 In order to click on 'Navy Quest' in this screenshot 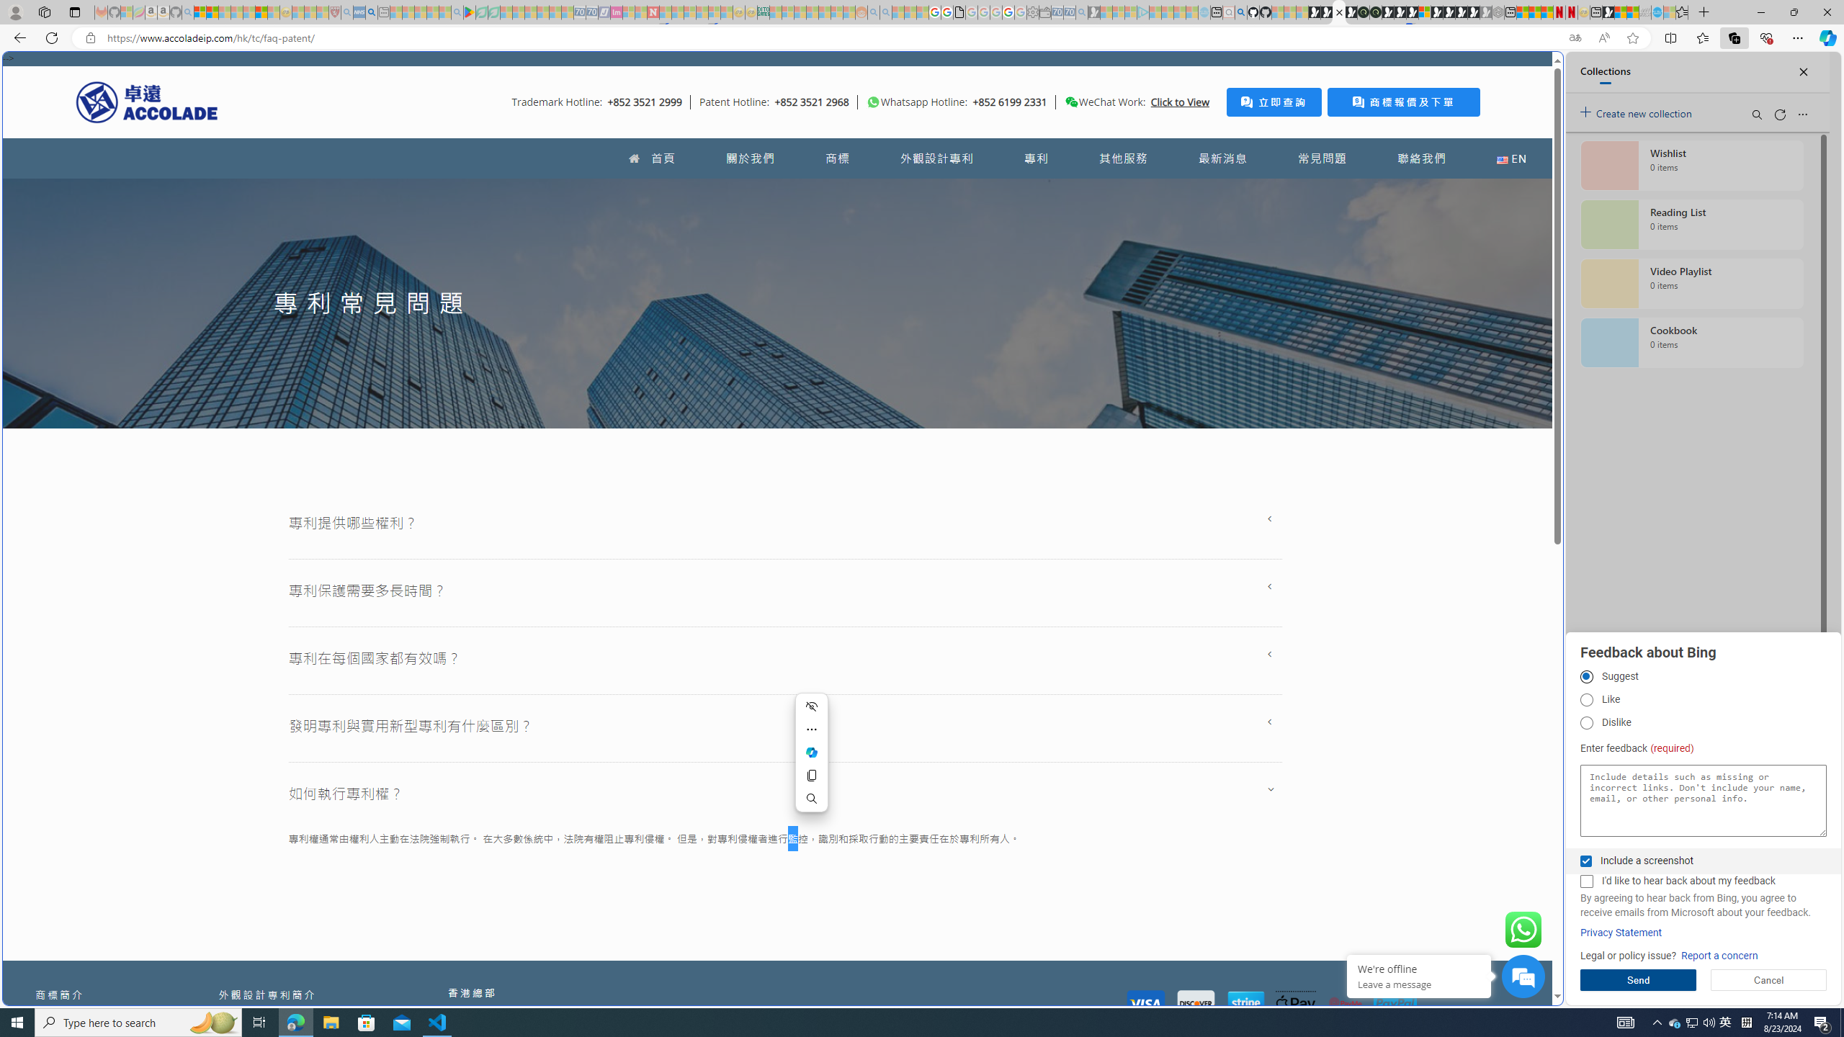, I will do `click(1644, 12)`.